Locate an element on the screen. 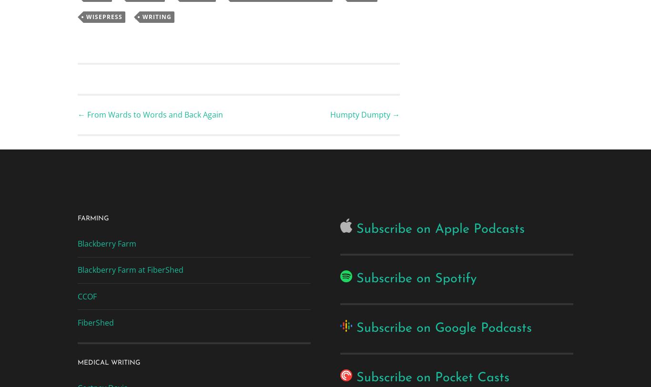 The height and width of the screenshot is (387, 651). 'CCOF' is located at coordinates (87, 296).